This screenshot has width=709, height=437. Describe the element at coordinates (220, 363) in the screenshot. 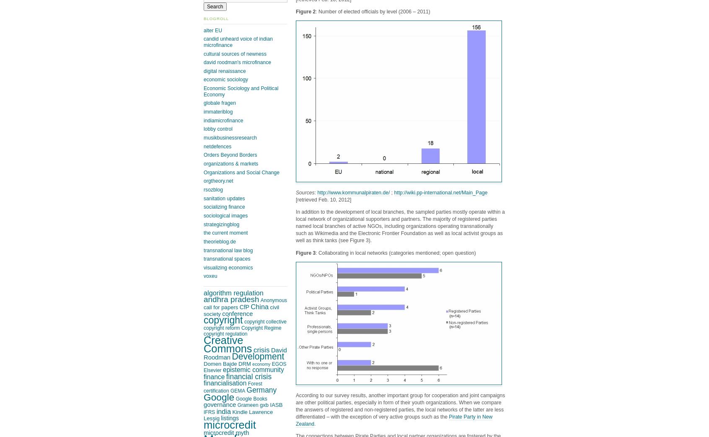

I see `'Domen Bajde'` at that location.